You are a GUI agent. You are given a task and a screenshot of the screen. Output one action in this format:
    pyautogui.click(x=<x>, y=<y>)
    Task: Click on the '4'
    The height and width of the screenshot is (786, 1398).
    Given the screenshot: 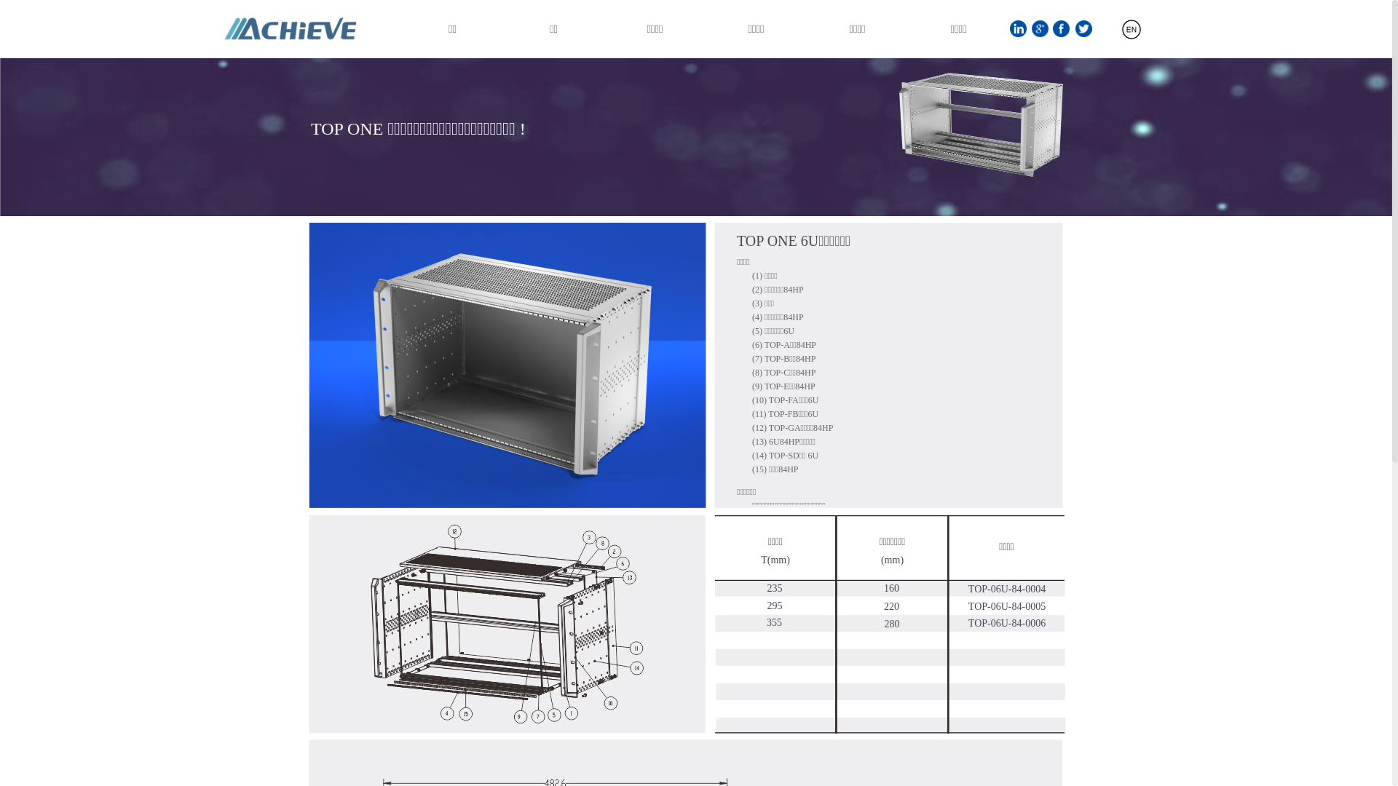 What is the action you would take?
    pyautogui.click(x=889, y=624)
    